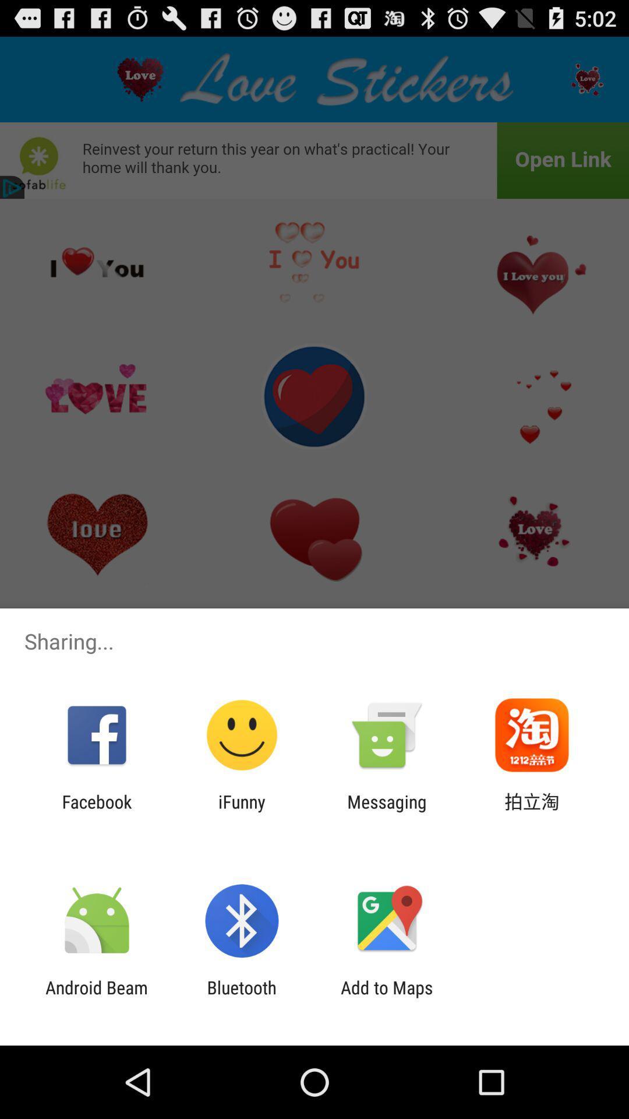 The width and height of the screenshot is (629, 1119). I want to click on the ifunny, so click(241, 811).